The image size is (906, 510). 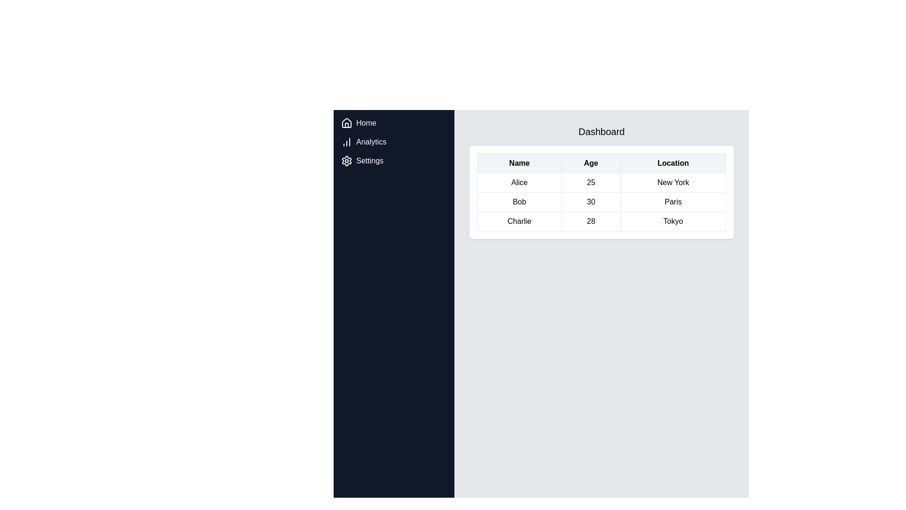 I want to click on the gear/settings icon located in the upper-left corner of the application within the navigation sidebar, so click(x=346, y=160).